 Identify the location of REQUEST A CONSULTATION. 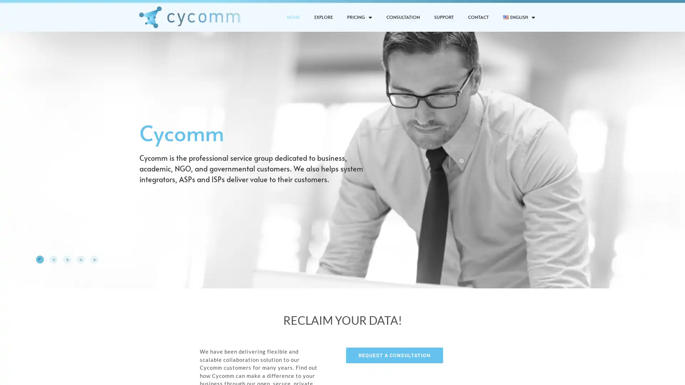
(394, 355).